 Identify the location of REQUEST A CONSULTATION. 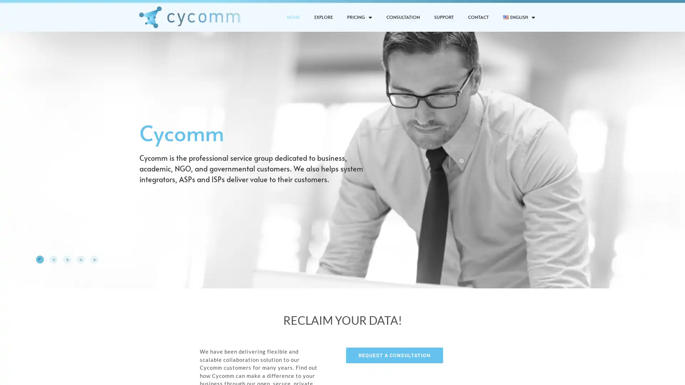
(394, 355).